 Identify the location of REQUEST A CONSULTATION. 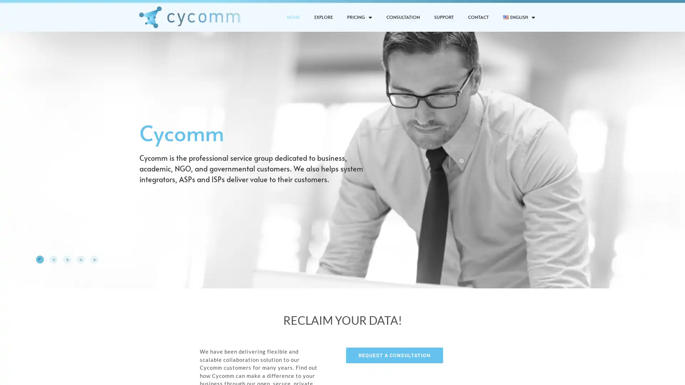
(394, 355).